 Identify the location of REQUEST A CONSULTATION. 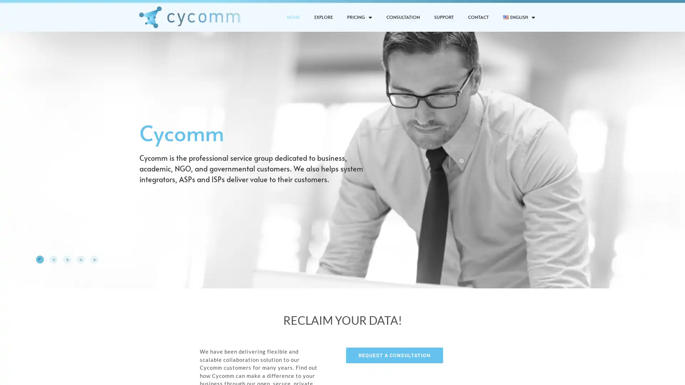
(394, 355).